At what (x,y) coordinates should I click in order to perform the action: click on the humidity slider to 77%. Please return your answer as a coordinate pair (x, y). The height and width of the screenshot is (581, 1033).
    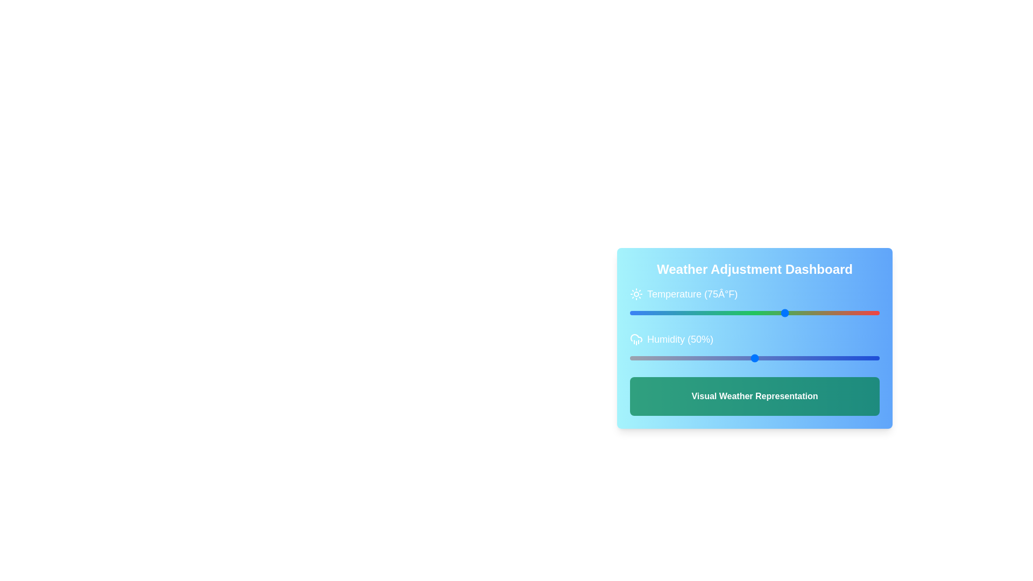
    Looking at the image, I should click on (822, 358).